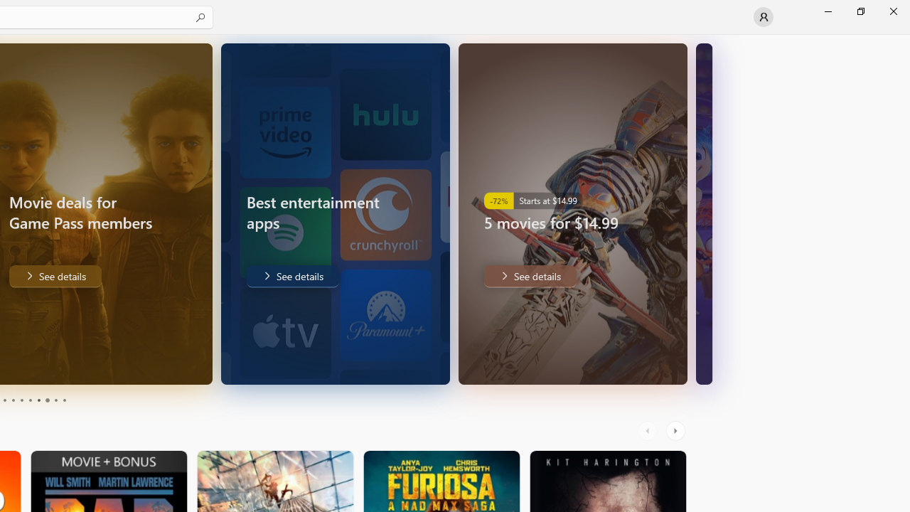  Describe the element at coordinates (12, 400) in the screenshot. I see `'Page 4'` at that location.